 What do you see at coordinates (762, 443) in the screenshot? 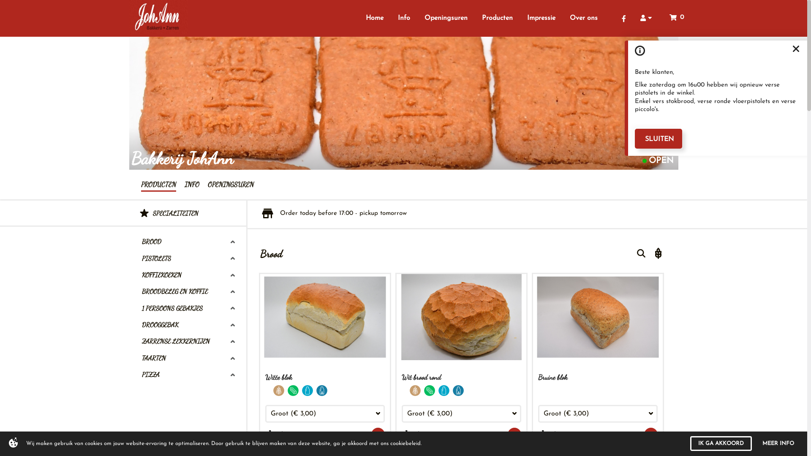
I see `'MORE INFO'` at bounding box center [762, 443].